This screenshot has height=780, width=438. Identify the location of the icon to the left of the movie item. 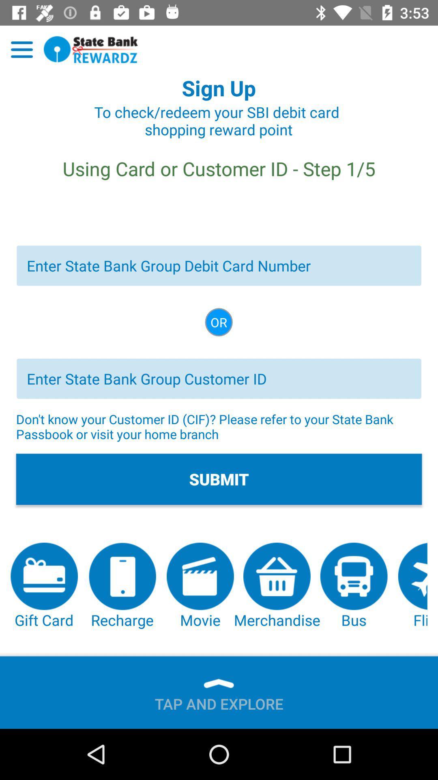
(122, 586).